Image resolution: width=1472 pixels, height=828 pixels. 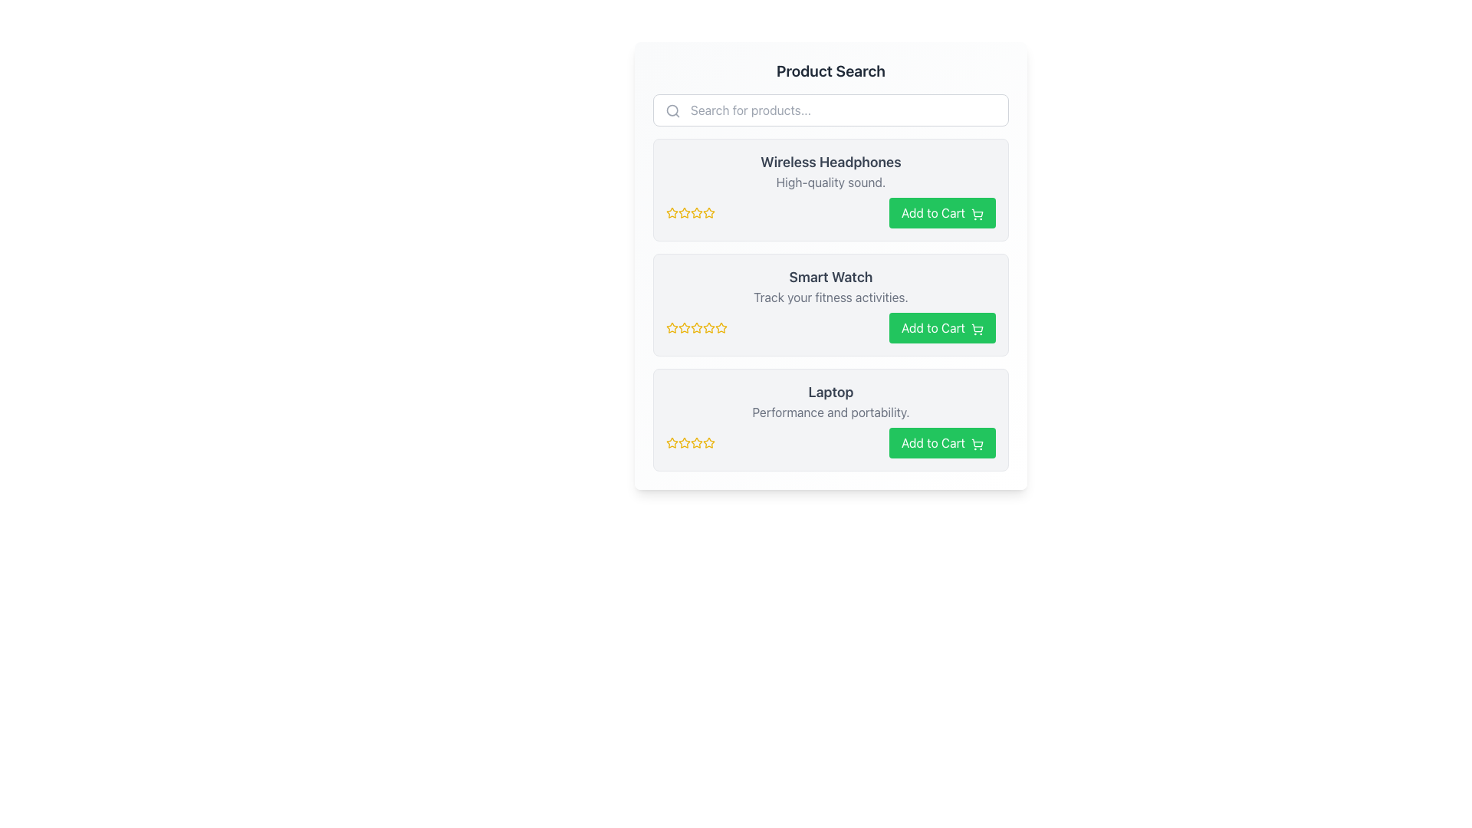 I want to click on the 'Add to Cart' button with rounded corners, green background, and white text, located in the third product card from the top, so click(x=941, y=443).